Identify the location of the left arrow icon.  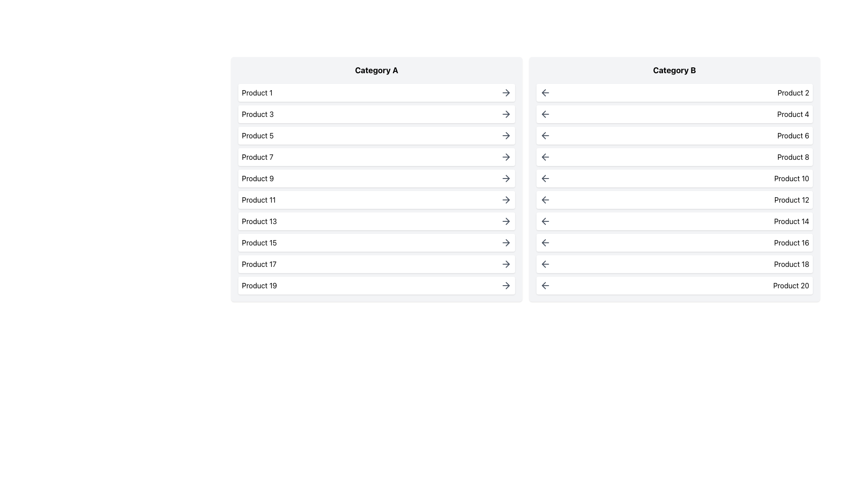
(545, 179).